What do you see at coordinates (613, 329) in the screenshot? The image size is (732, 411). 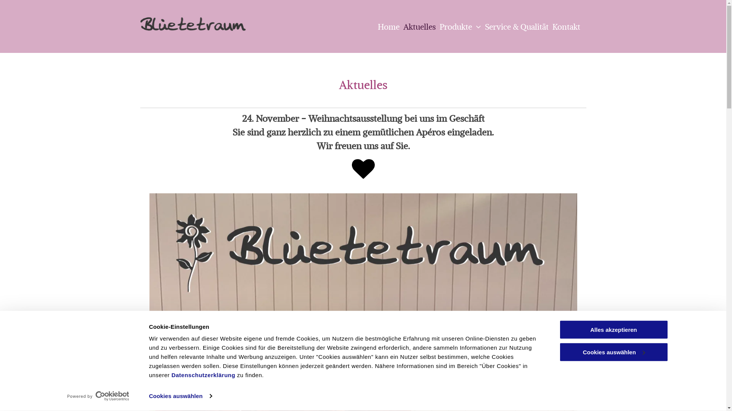 I see `'Alles akzeptieren'` at bounding box center [613, 329].